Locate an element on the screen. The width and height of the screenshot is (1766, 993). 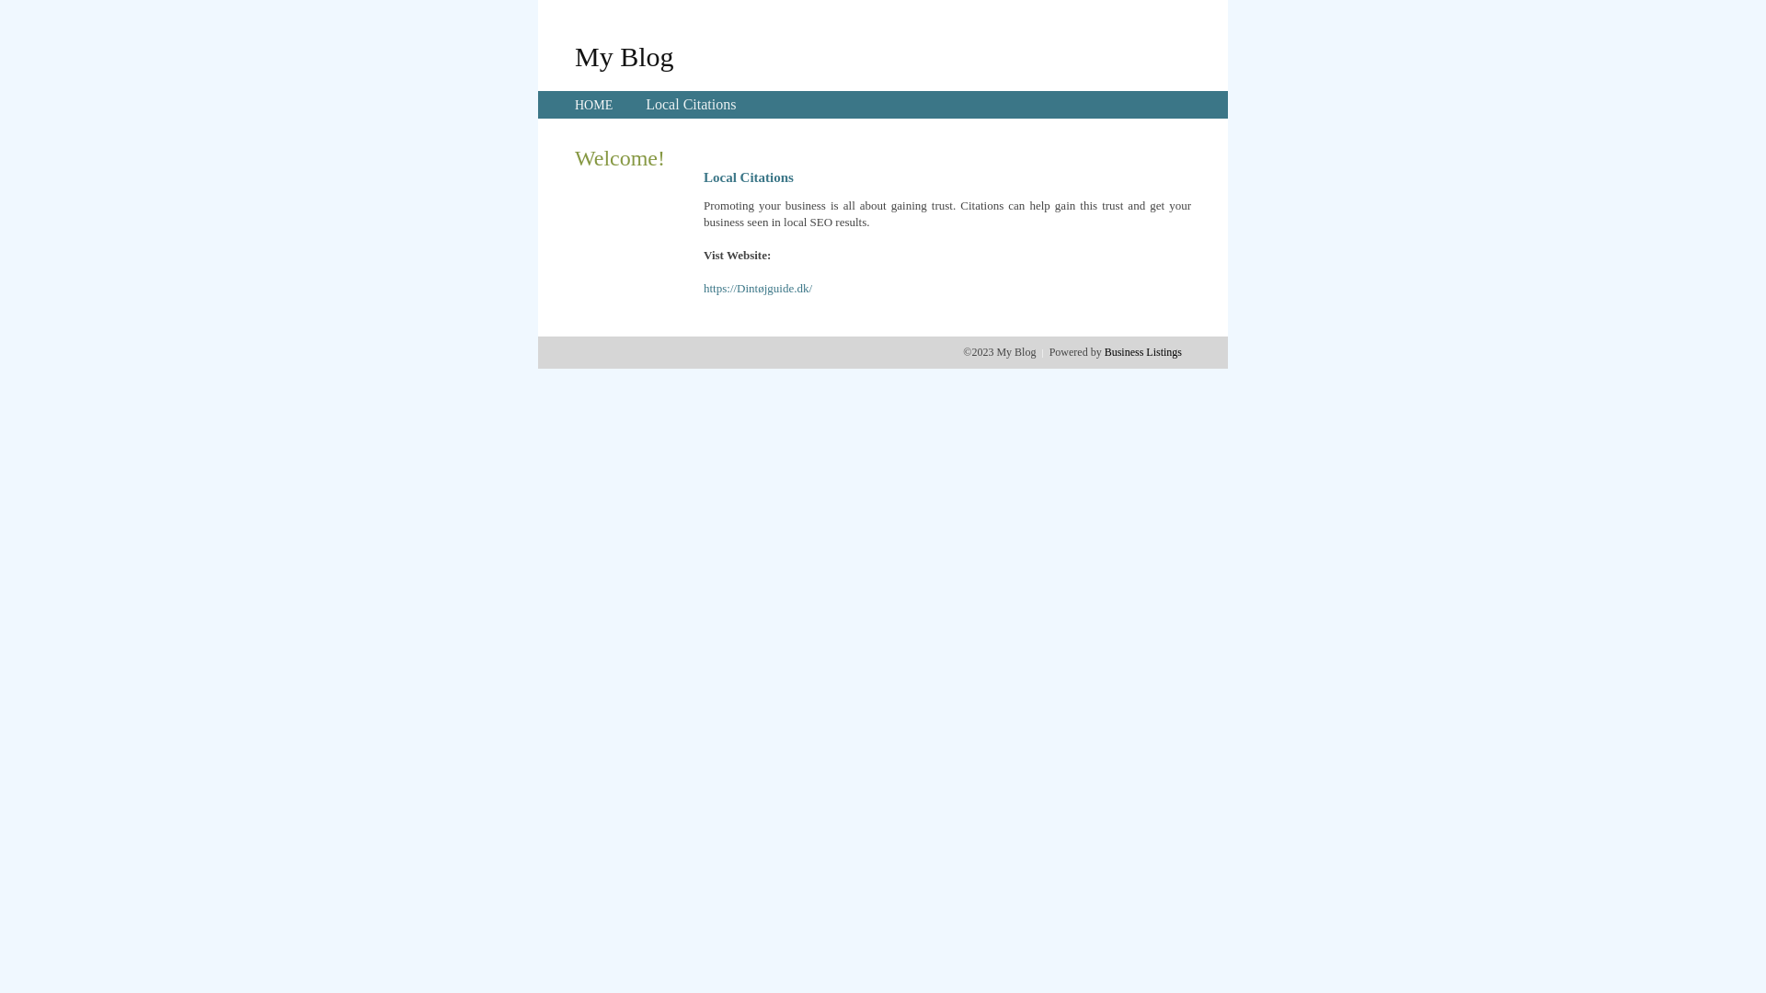
'HOME' is located at coordinates (593, 105).